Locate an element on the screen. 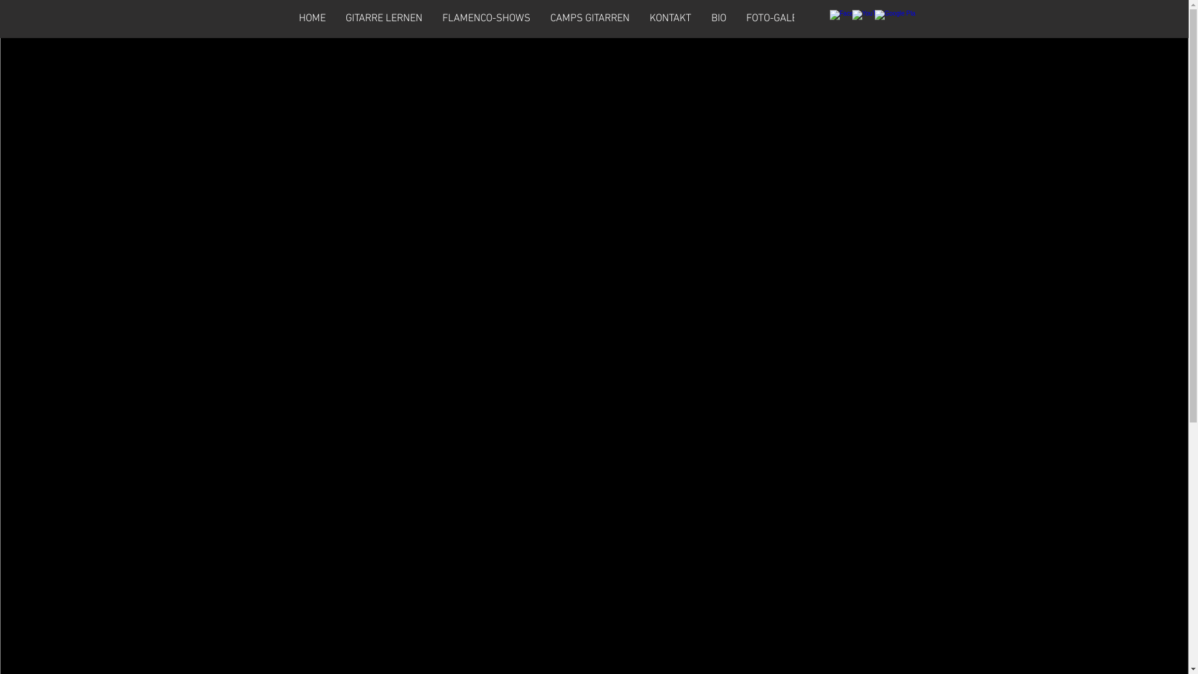 The image size is (1198, 674). 'KONTAKT' is located at coordinates (669, 19).